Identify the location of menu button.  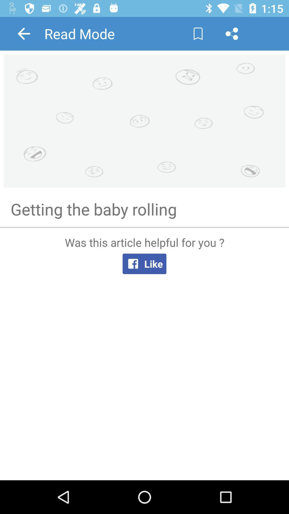
(231, 33).